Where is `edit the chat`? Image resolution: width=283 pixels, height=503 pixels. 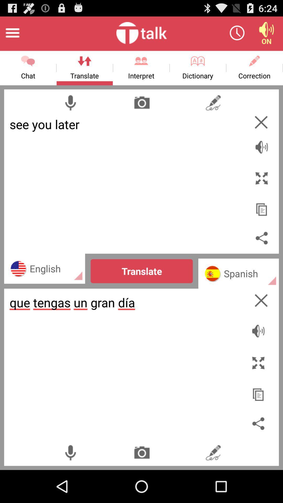 edit the chat is located at coordinates (213, 452).